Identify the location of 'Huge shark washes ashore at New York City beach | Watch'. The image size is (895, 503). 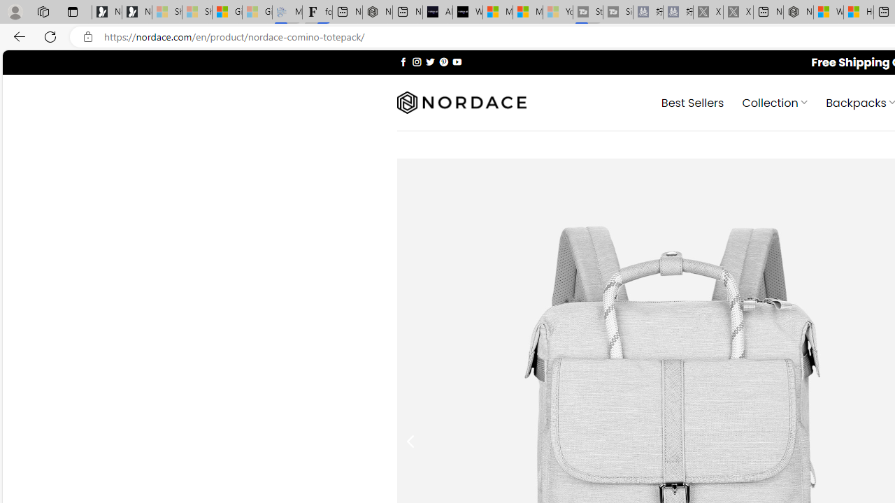
(858, 12).